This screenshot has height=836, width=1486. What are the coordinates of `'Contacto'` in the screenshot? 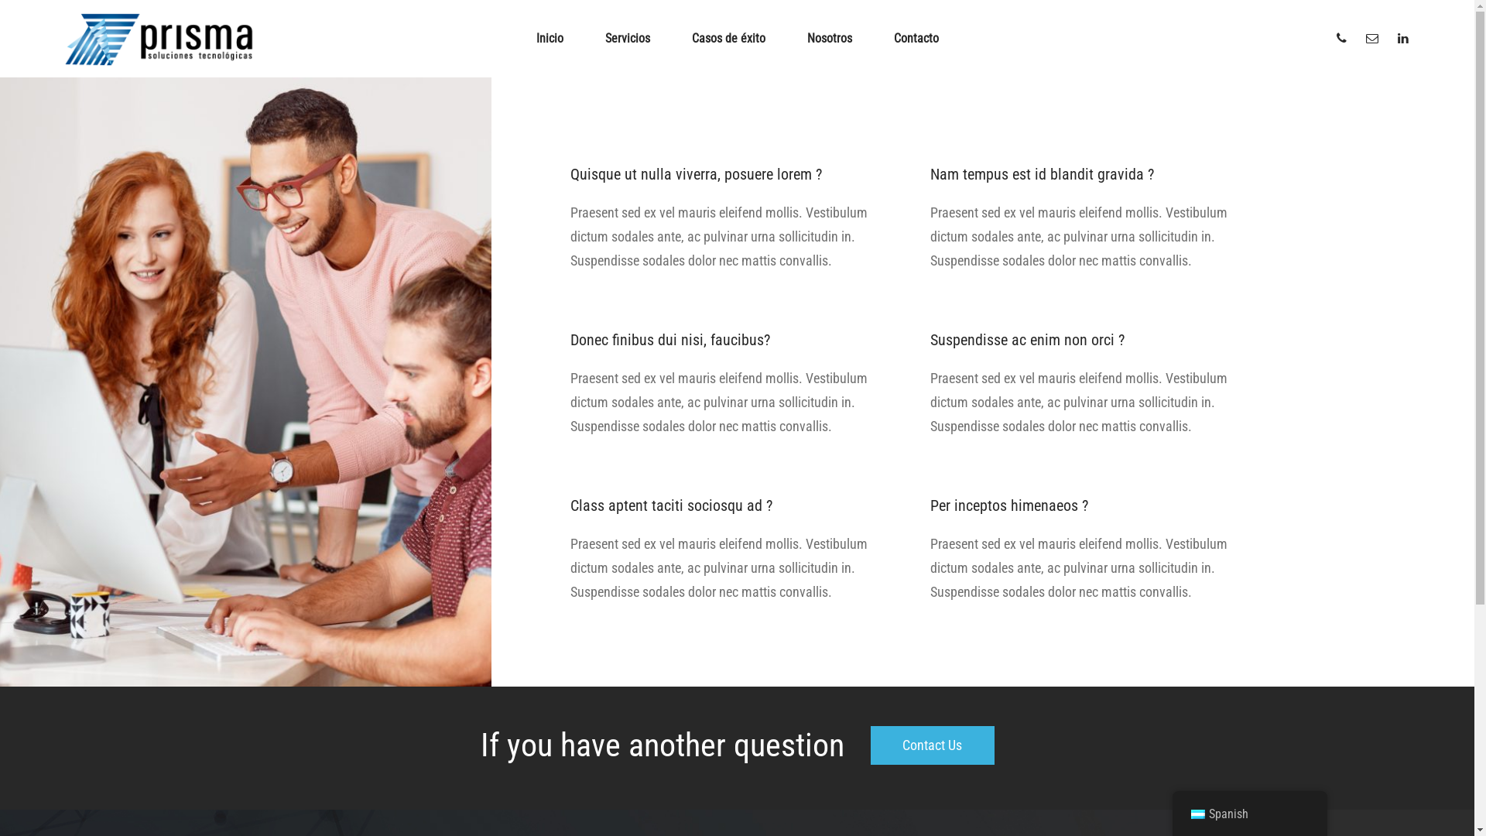 It's located at (916, 38).